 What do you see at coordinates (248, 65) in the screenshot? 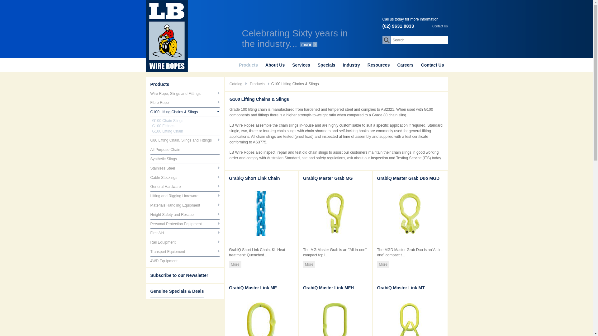
I see `'Products'` at bounding box center [248, 65].